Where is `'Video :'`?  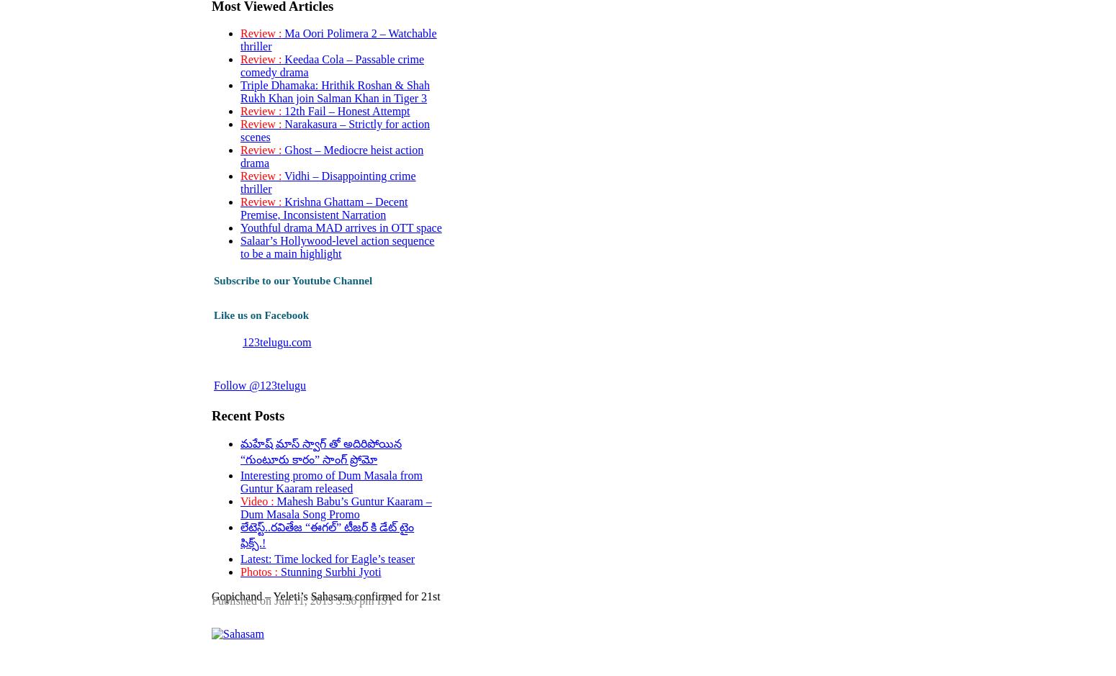
'Video :' is located at coordinates (256, 500).